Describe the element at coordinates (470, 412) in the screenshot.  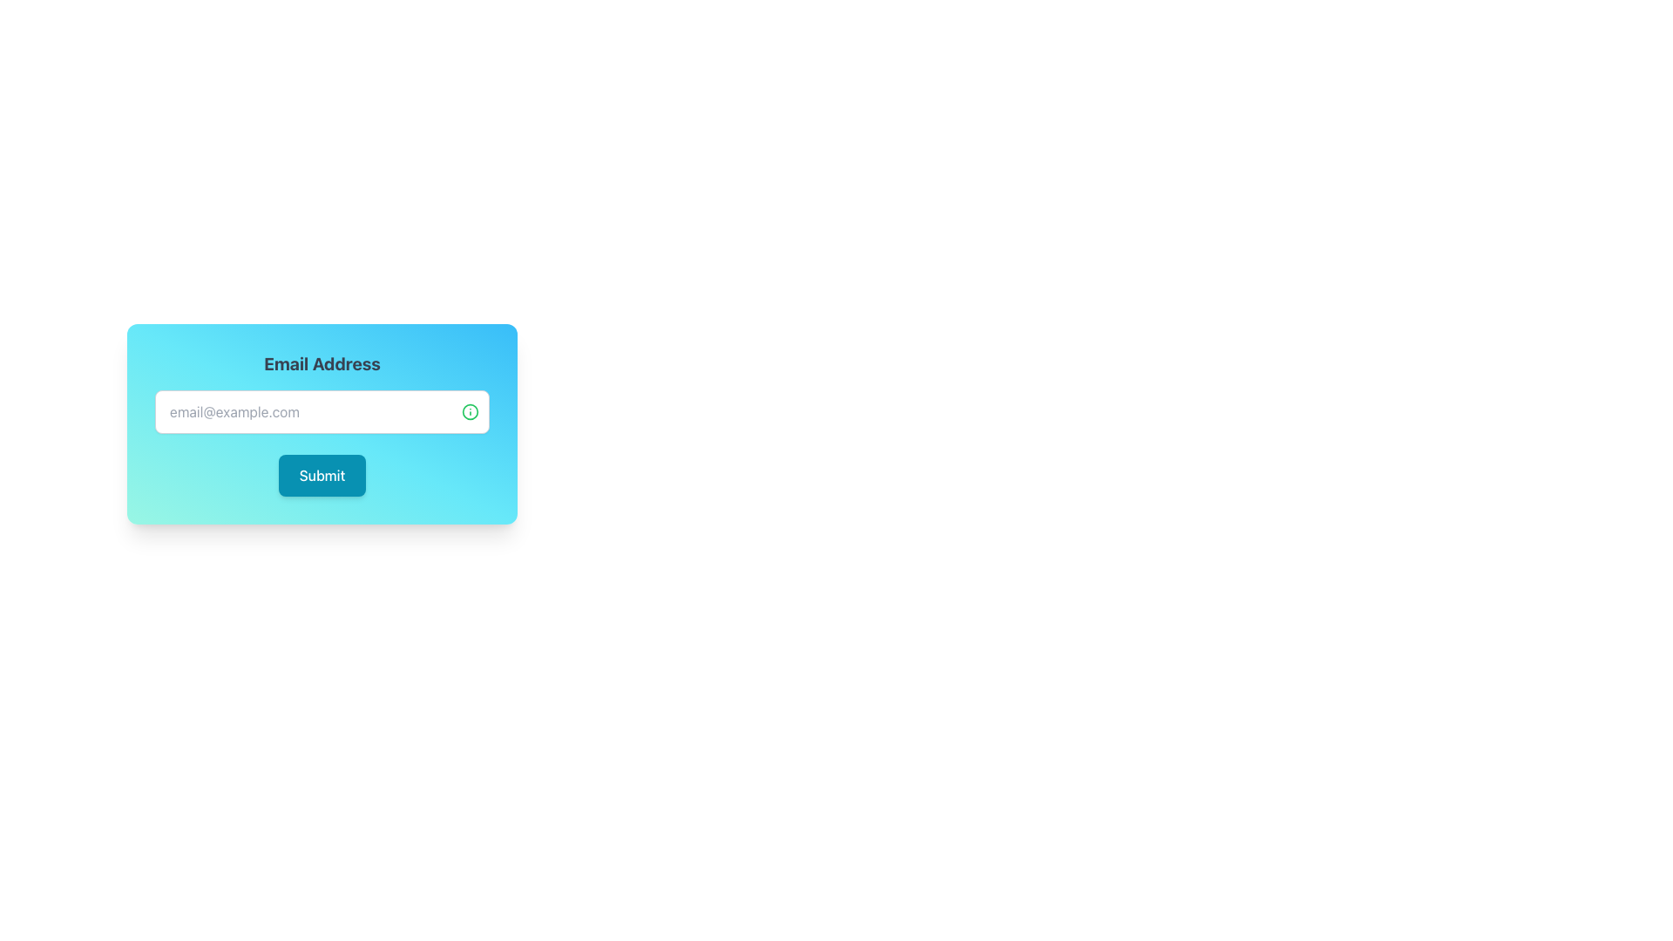
I see `the information or help icon located at the right end of the email input field within the blue and white gradient panel titled 'Email Address'` at that location.